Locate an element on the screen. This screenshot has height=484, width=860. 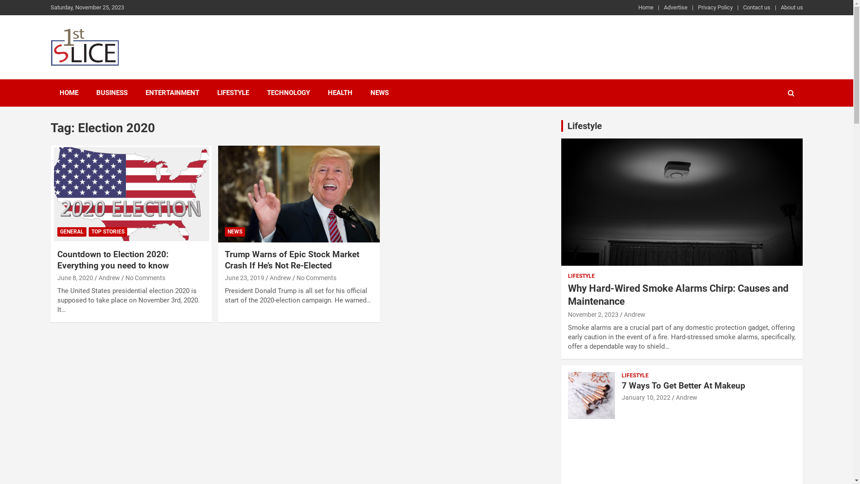
'November 2, 2023' is located at coordinates (593, 314).